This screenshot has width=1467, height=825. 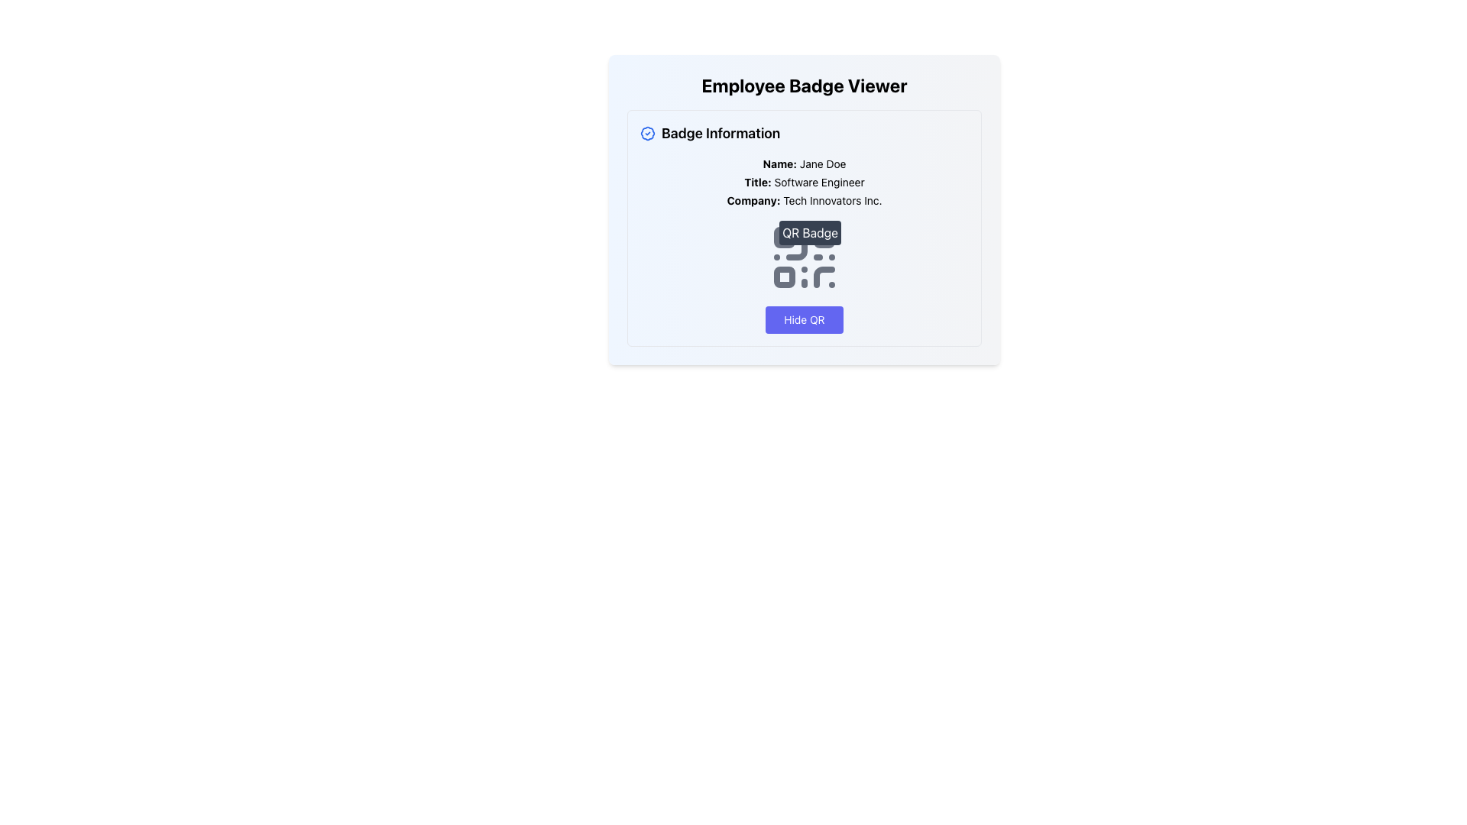 What do you see at coordinates (648, 132) in the screenshot?
I see `the verified or authenticated badge icon located in the top-left corner of the 'Badge Information' section` at bounding box center [648, 132].